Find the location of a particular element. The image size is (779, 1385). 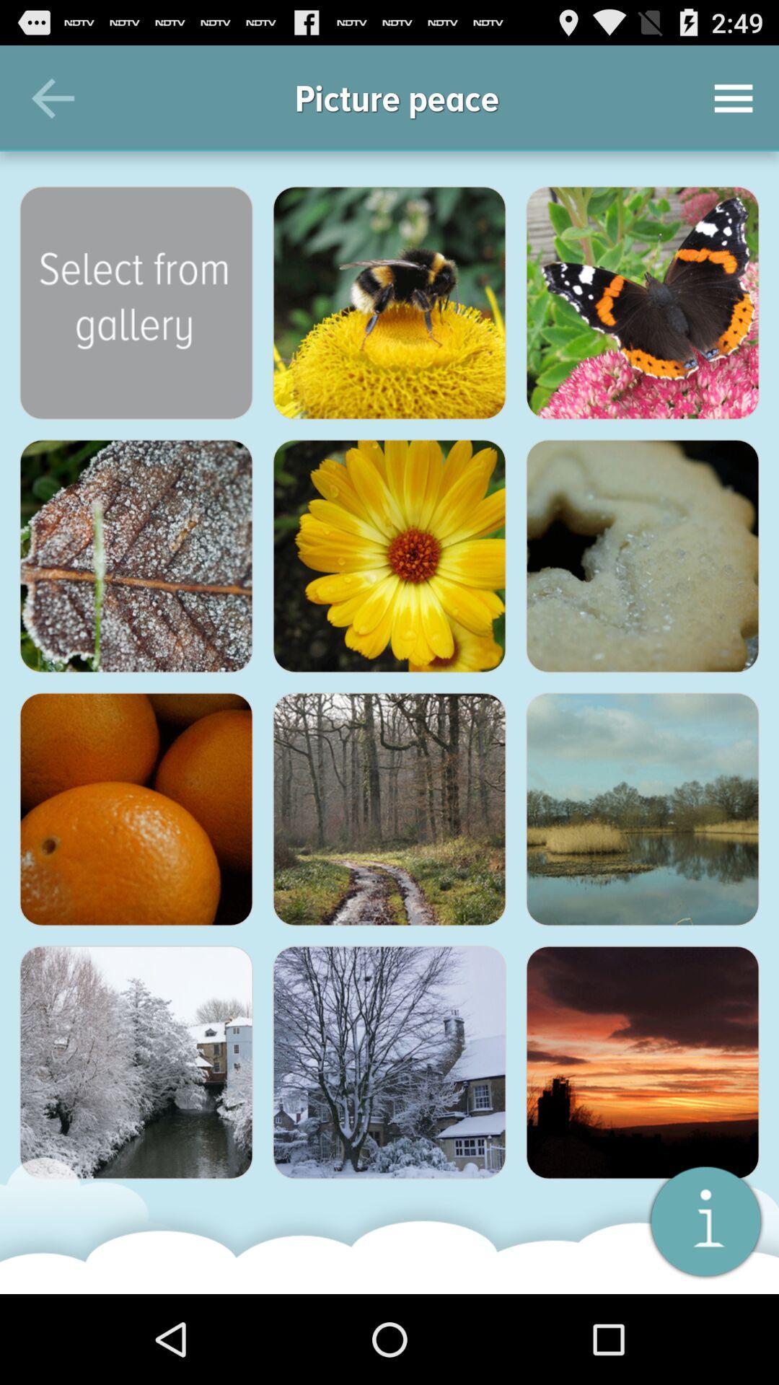

choose this picture is located at coordinates (136, 1063).